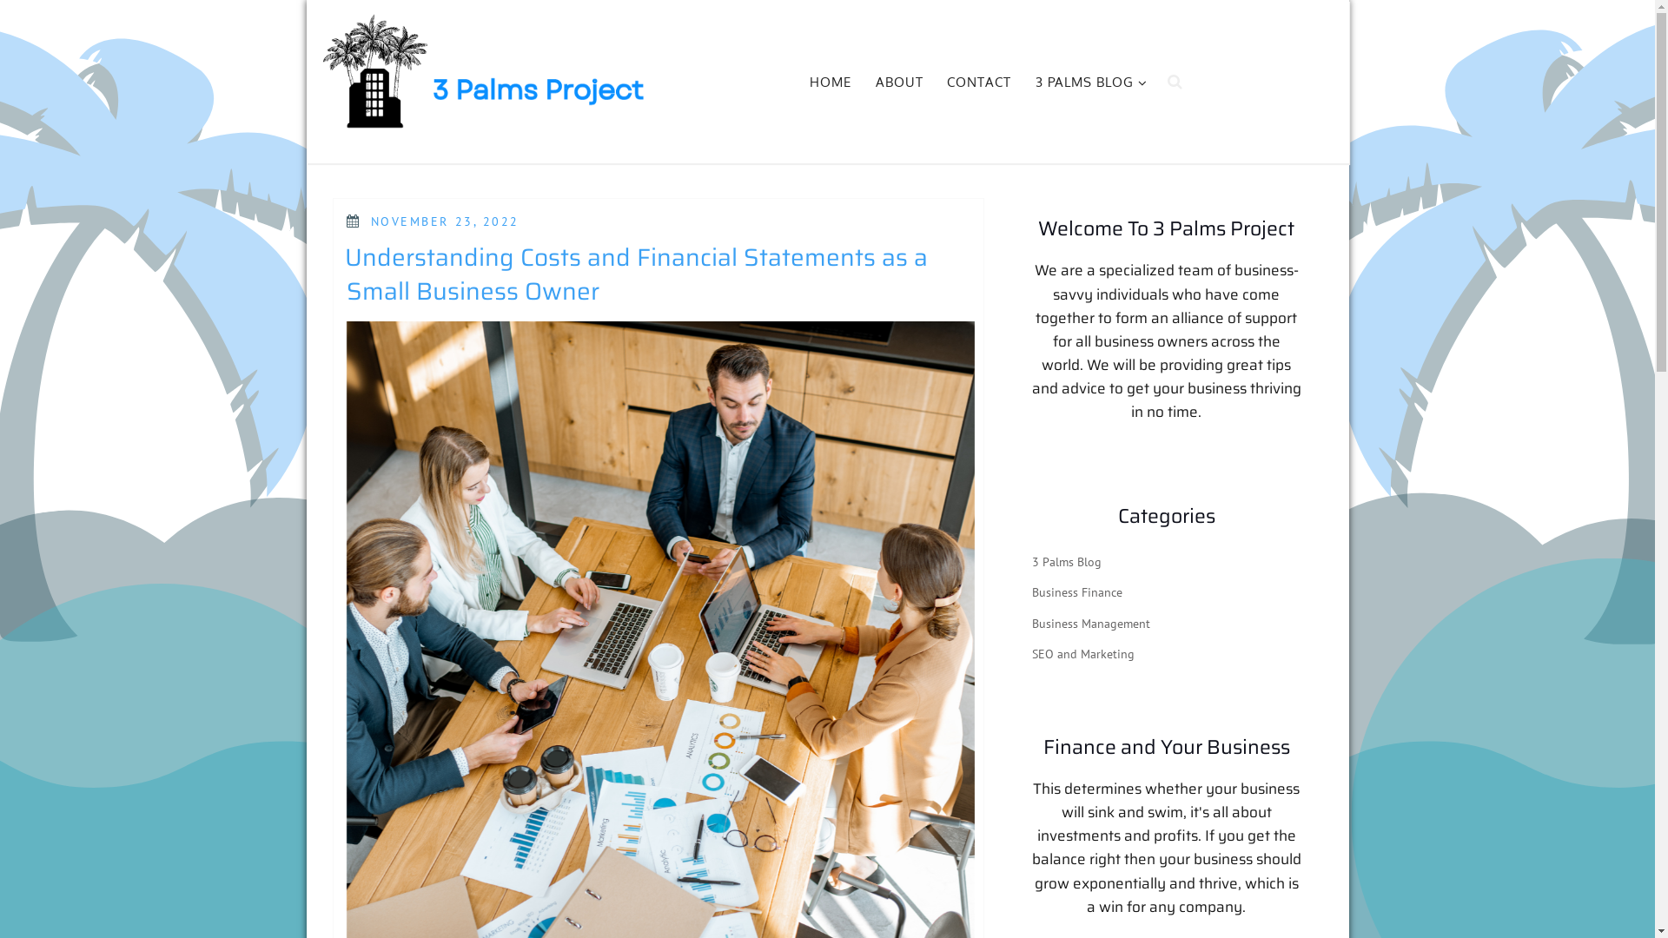 This screenshot has width=1668, height=938. Describe the element at coordinates (1090, 622) in the screenshot. I see `'Business Management'` at that location.